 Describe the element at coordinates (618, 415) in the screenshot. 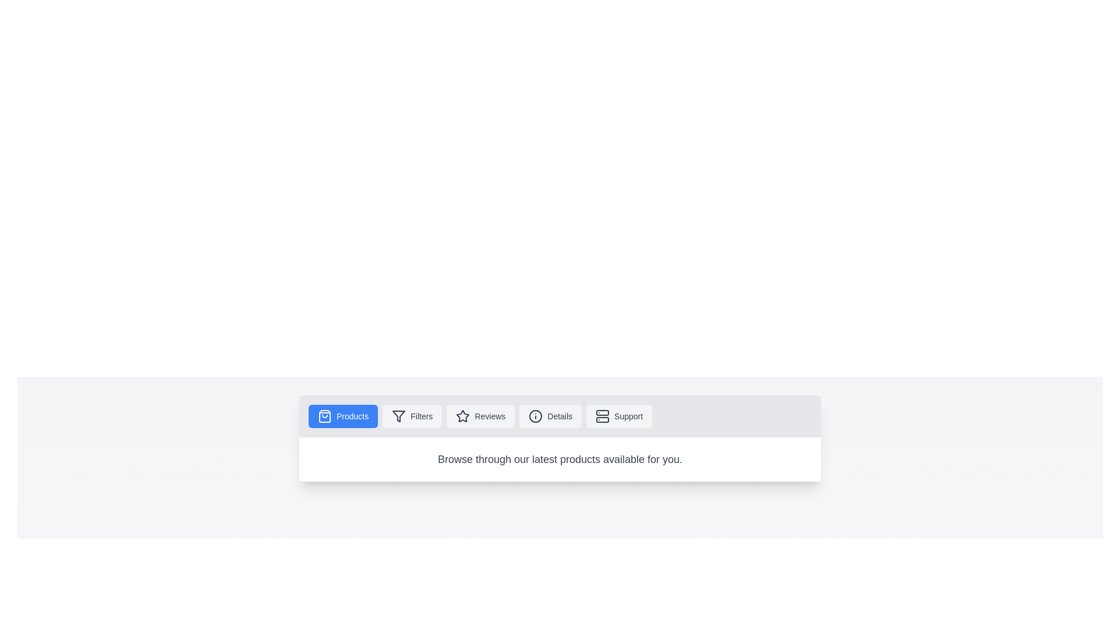

I see `the Support tab by clicking on its button` at that location.